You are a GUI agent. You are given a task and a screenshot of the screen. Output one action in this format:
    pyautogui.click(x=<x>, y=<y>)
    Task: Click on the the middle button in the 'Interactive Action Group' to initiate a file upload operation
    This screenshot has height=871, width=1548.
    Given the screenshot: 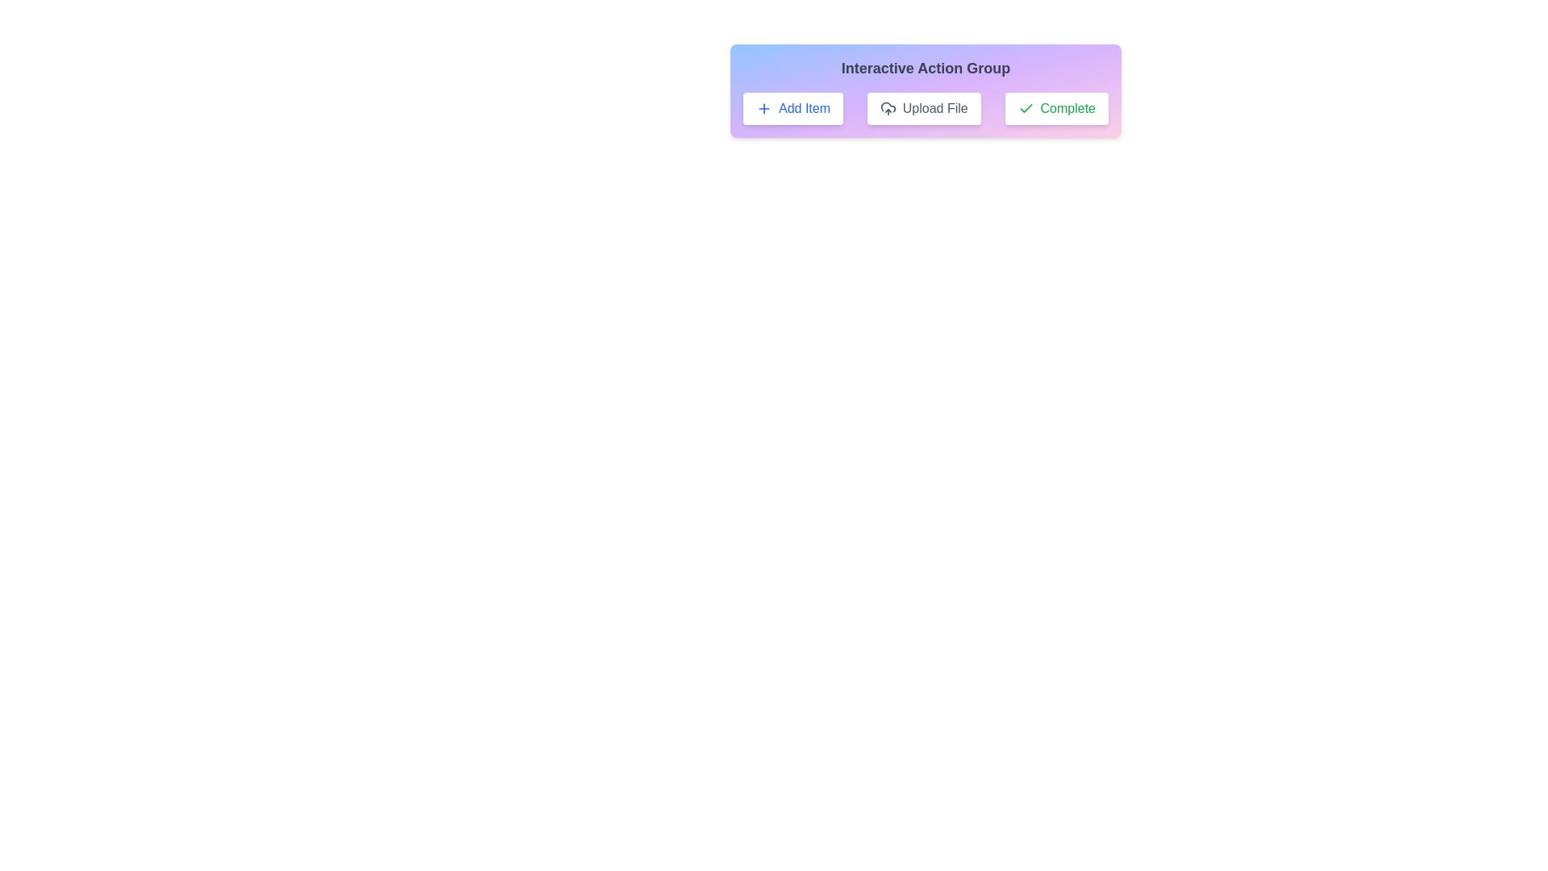 What is the action you would take?
    pyautogui.click(x=926, y=90)
    